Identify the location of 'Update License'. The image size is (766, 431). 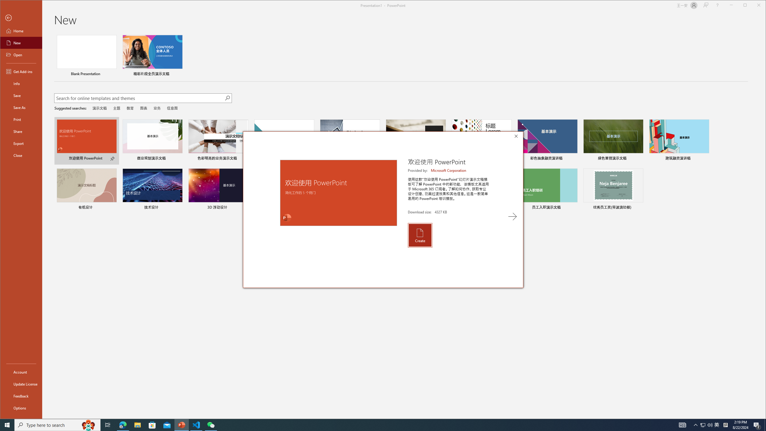
(21, 384).